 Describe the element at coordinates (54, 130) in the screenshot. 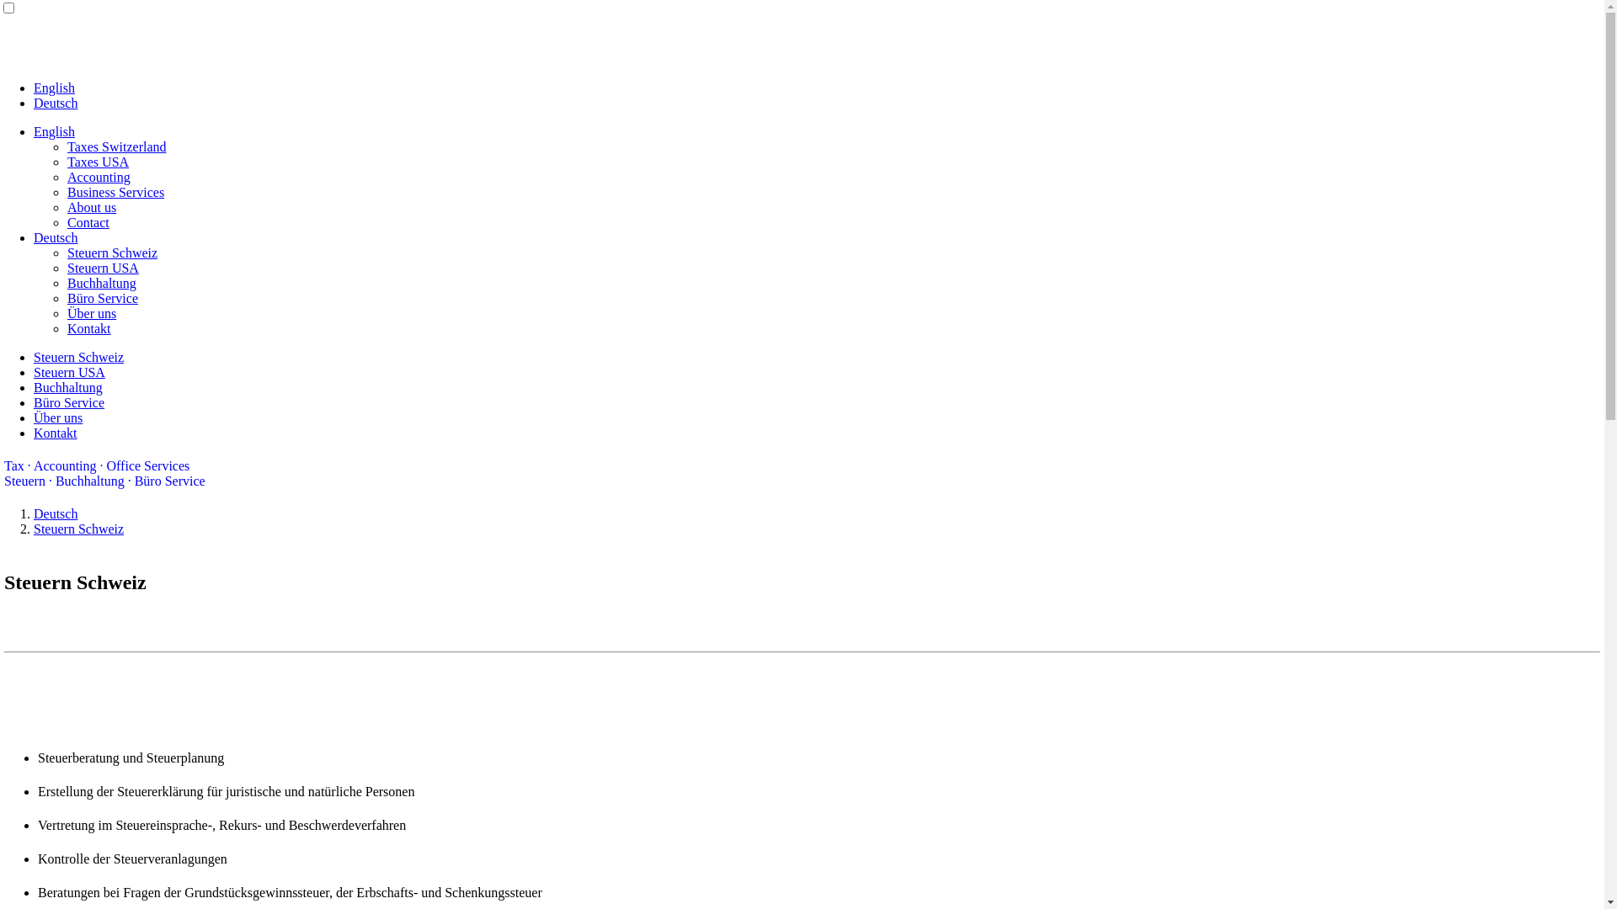

I see `'English'` at that location.